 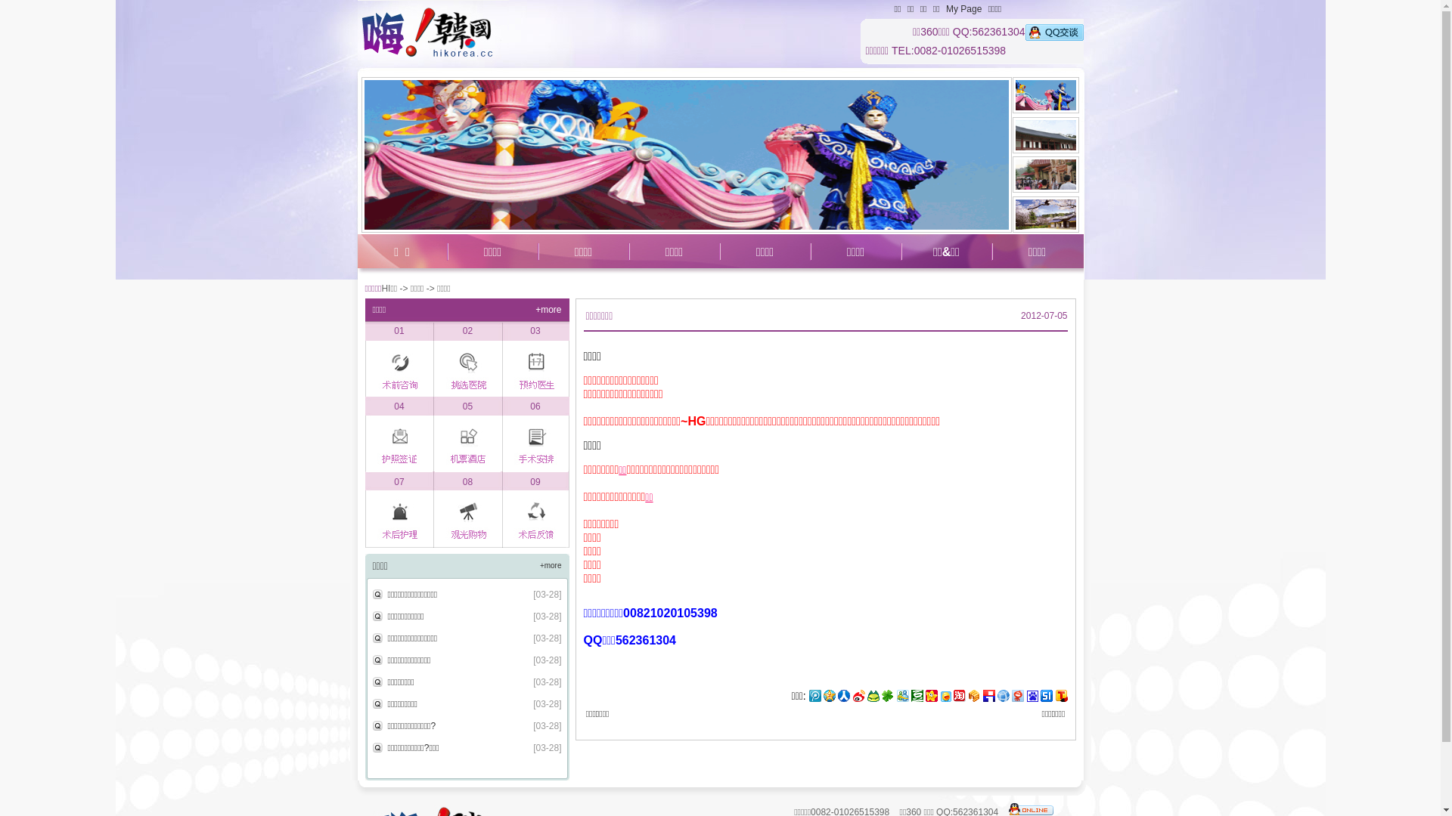 What do you see at coordinates (963, 8) in the screenshot?
I see `'My Page'` at bounding box center [963, 8].